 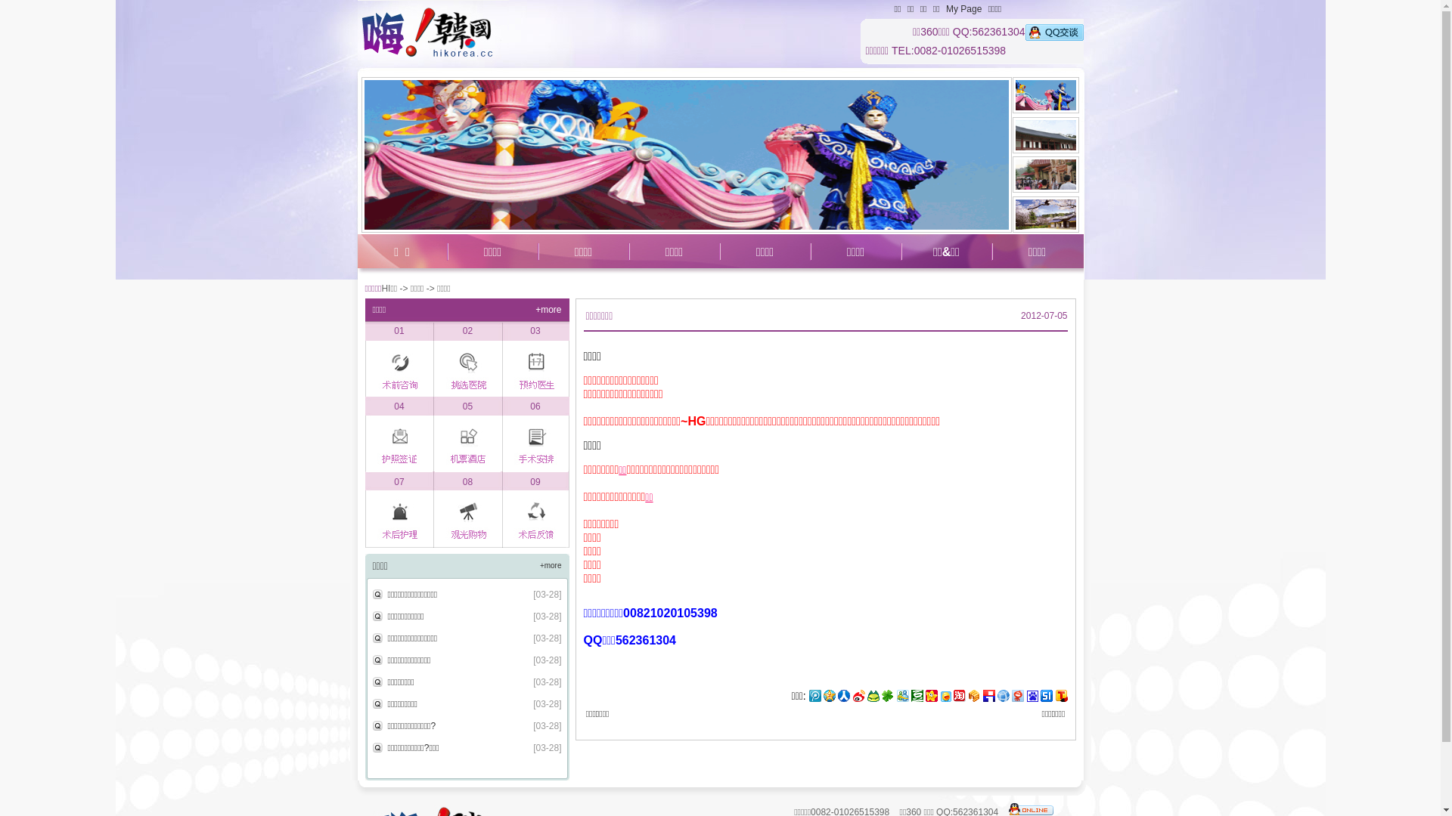 What do you see at coordinates (963, 8) in the screenshot?
I see `'My Page'` at bounding box center [963, 8].